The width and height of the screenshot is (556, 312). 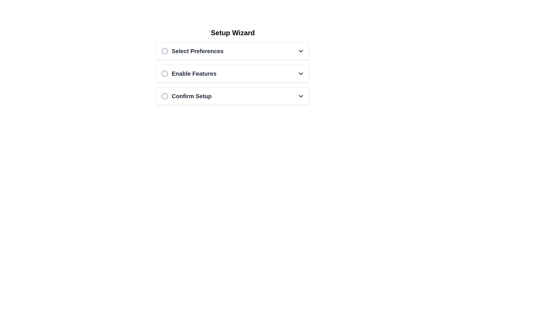 I want to click on the black downward-facing chevron icon indicating a dropdown in the 'Enable Features' section, so click(x=301, y=73).